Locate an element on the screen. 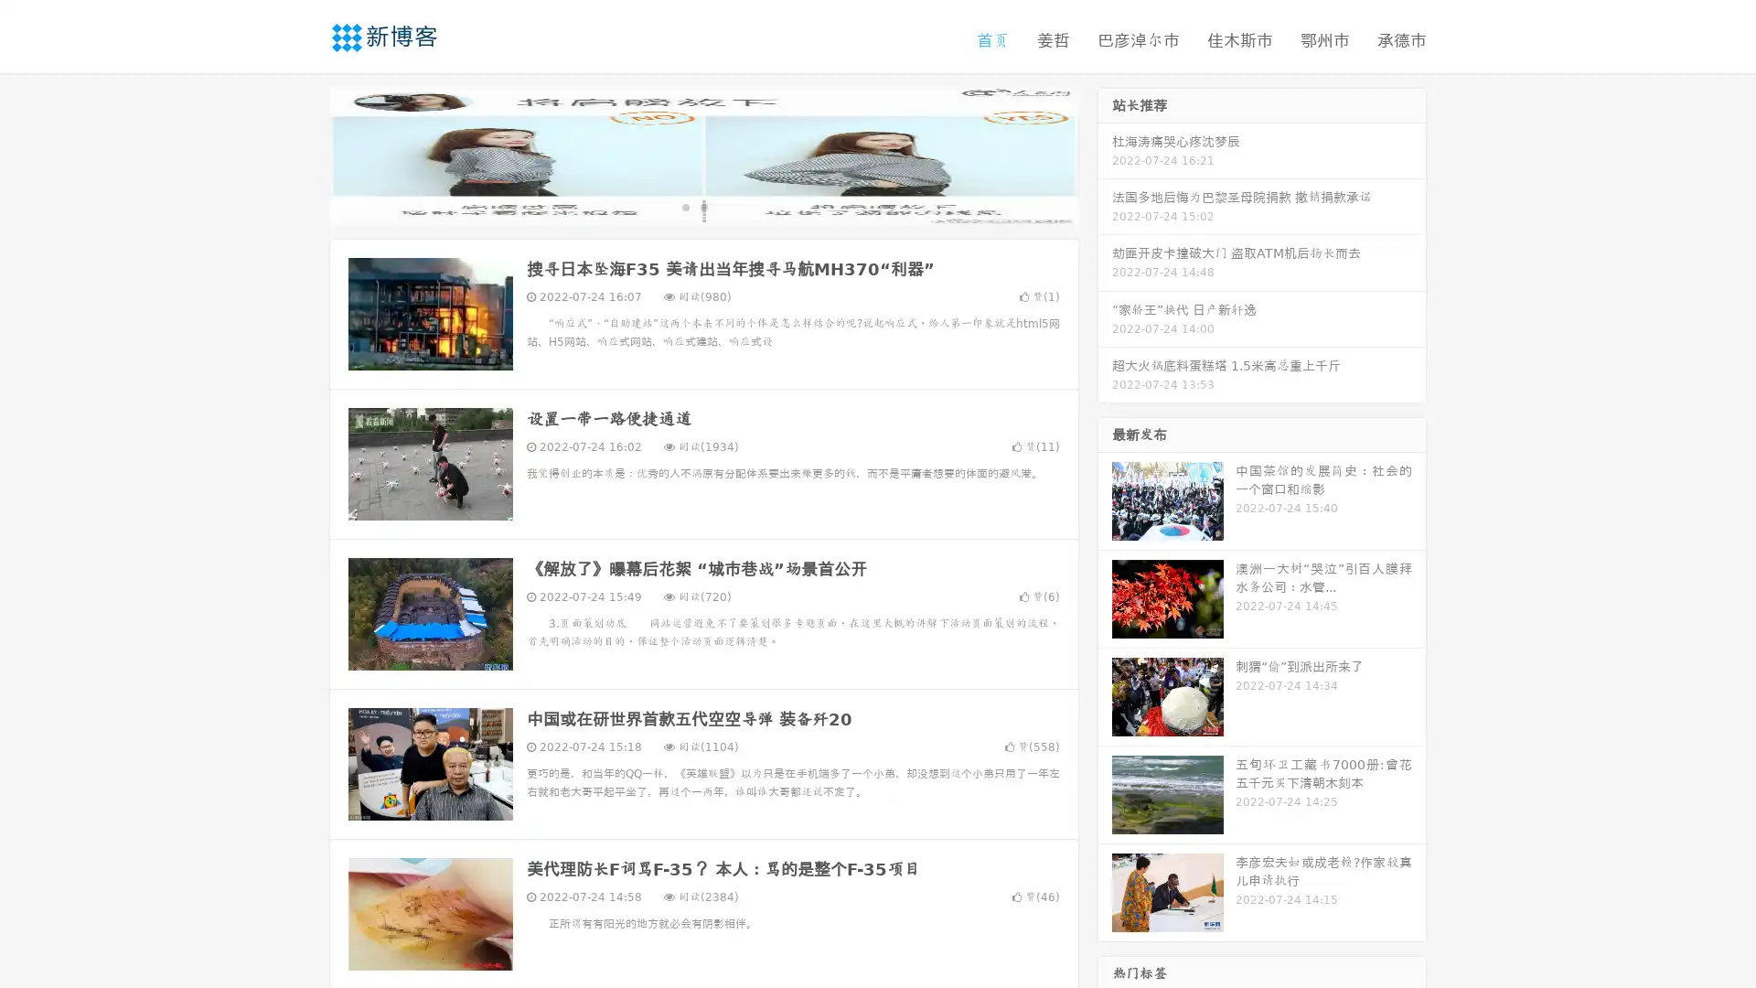  Next slide is located at coordinates (1105, 154).